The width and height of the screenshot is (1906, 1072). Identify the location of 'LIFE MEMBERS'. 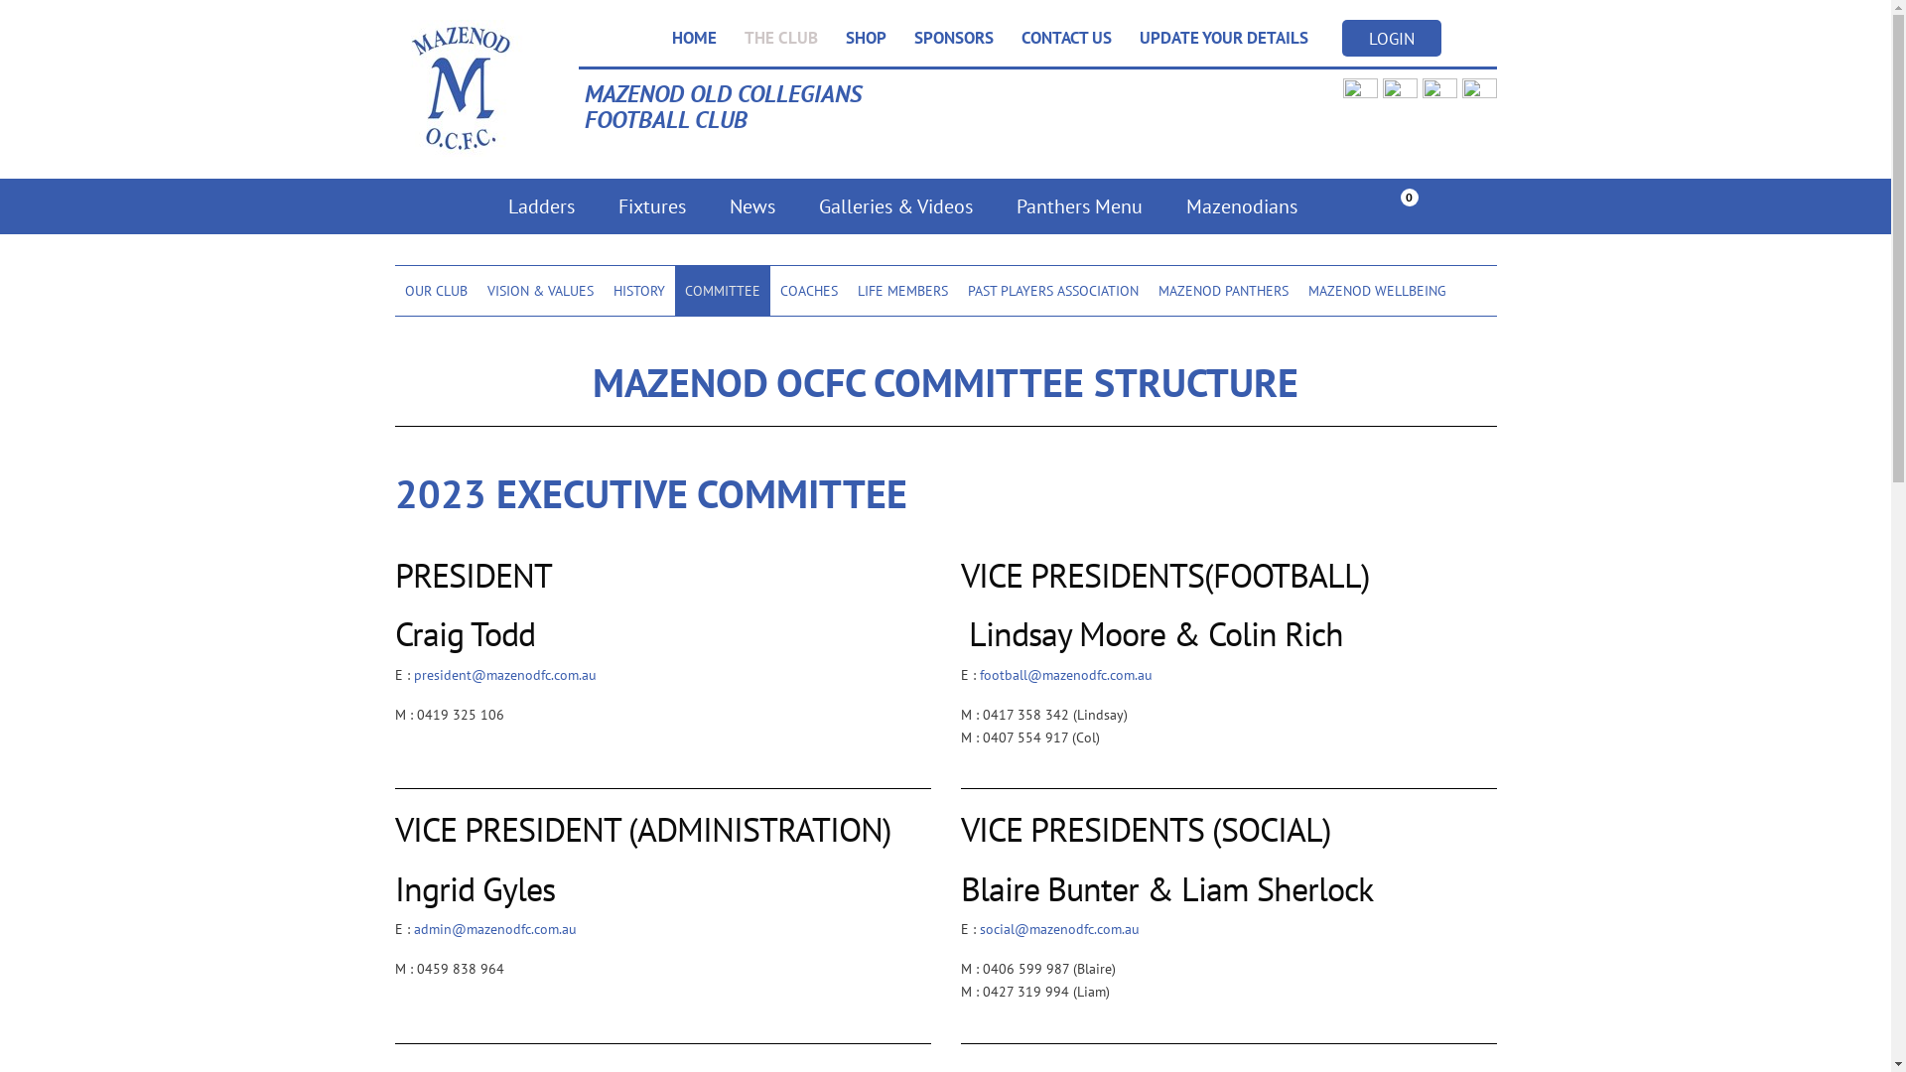
(848, 291).